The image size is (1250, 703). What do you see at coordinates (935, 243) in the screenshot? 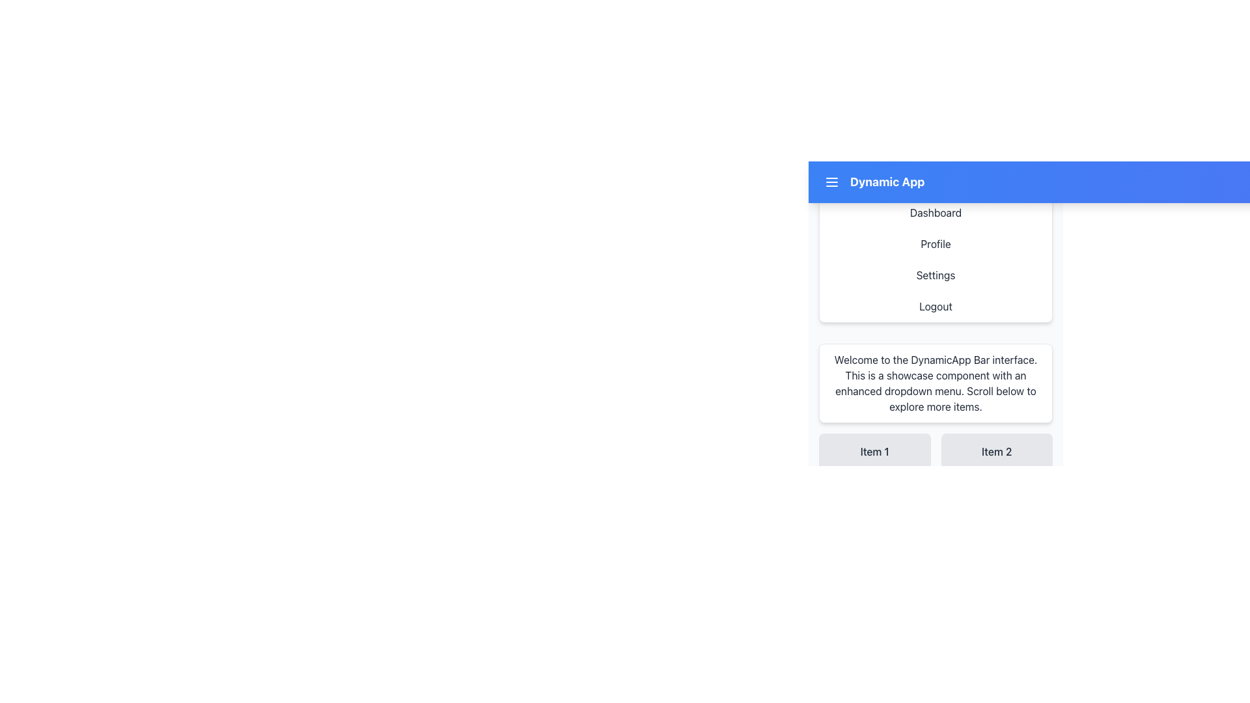
I see `the 'Profile' text label in the dropdown menu, which is the second item in a list of four options` at bounding box center [935, 243].